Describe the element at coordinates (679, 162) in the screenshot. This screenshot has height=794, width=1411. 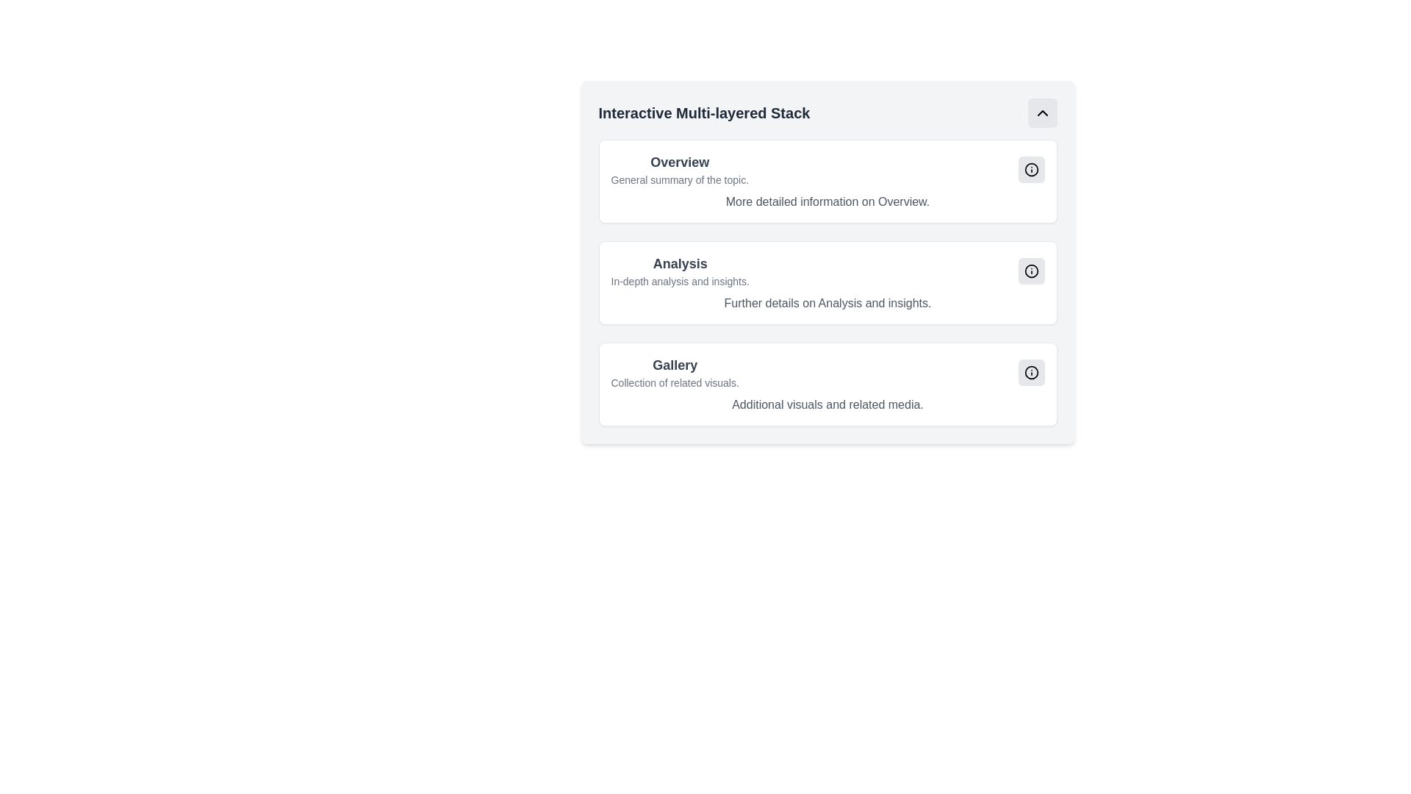
I see `the main heading text element of the 'Interactive Multi-layered Stack' section, which serves as the title summarizing its content` at that location.